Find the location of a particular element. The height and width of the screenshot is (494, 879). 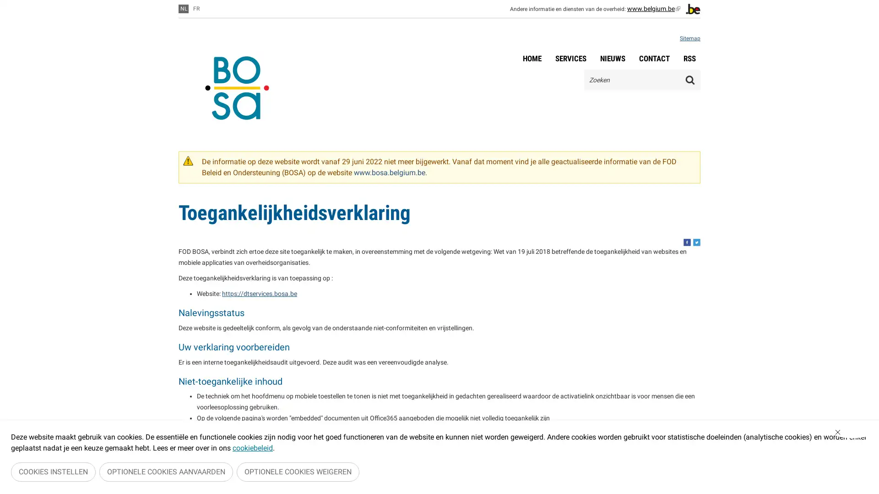

OPTIONELE COOKIES AANVAARDEN is located at coordinates (166, 473).